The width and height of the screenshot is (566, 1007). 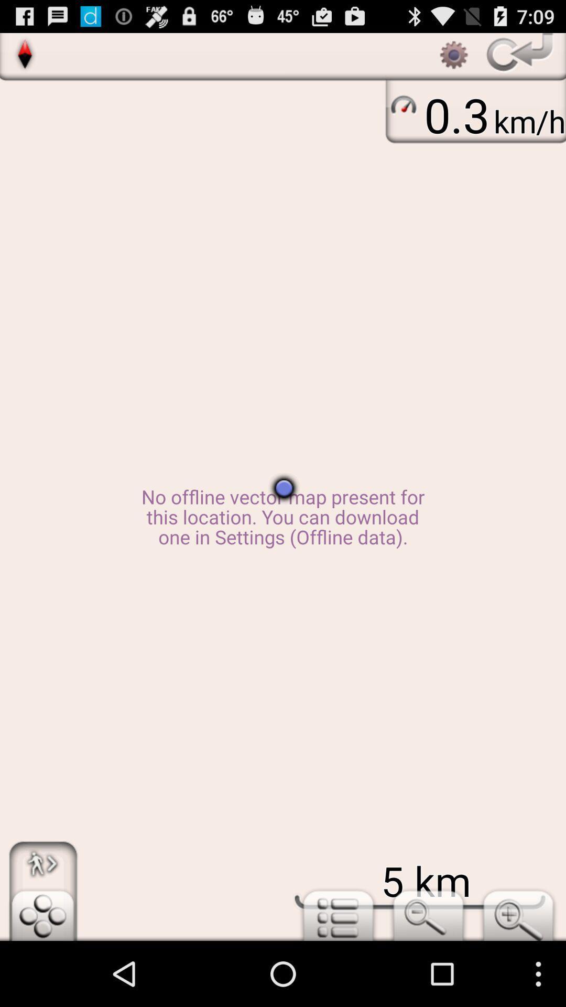 I want to click on the settings icon, so click(x=452, y=58).